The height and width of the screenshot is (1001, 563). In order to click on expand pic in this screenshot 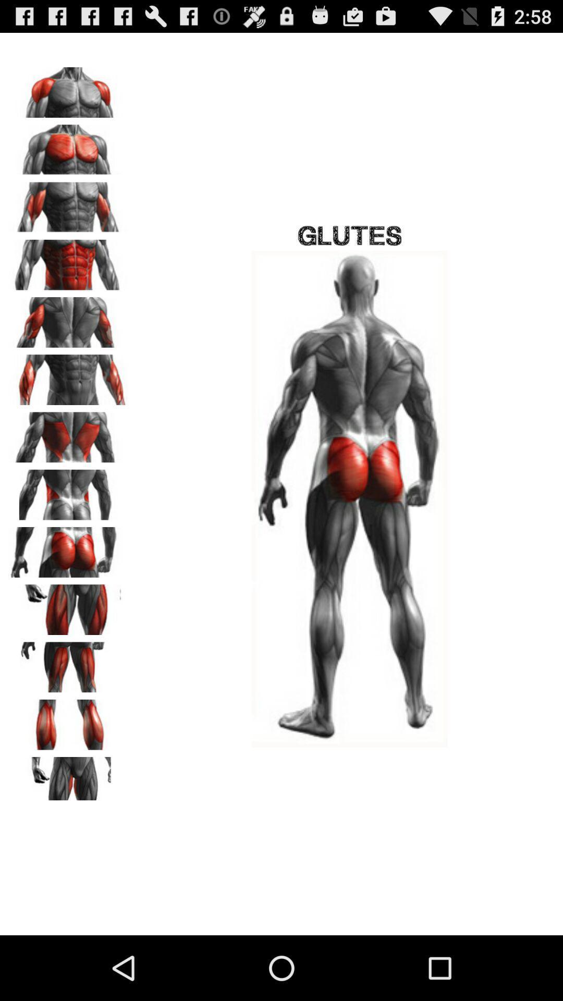, I will do `click(68, 548)`.